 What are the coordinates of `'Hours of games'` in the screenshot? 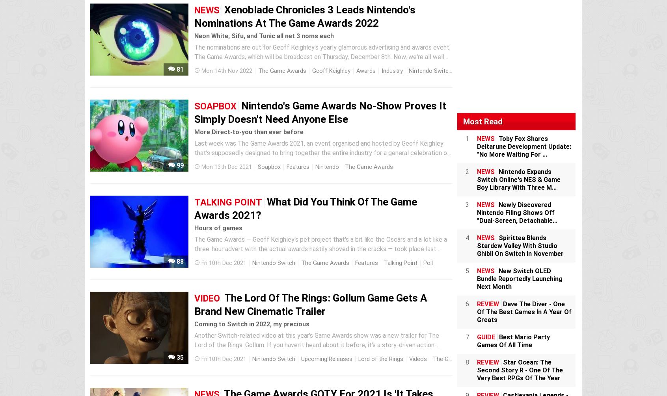 It's located at (218, 228).